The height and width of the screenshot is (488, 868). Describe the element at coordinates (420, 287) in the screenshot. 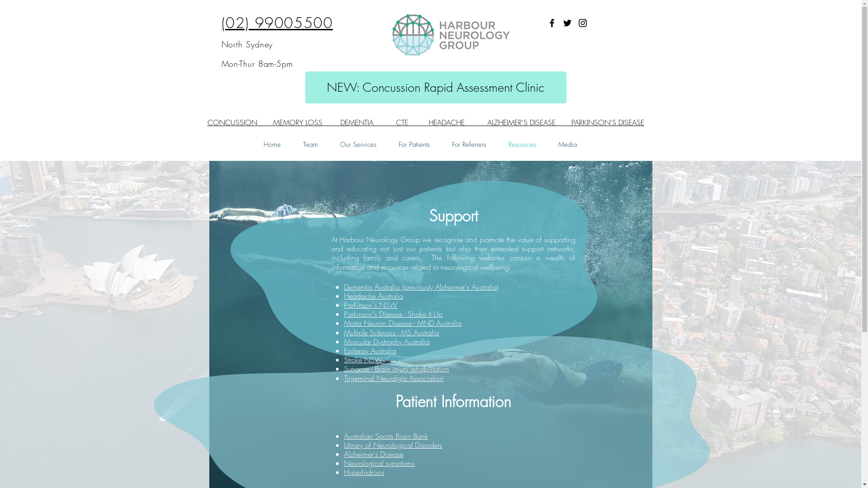

I see `'Dementia Australia (previously Alzheimer's Australia)'` at that location.